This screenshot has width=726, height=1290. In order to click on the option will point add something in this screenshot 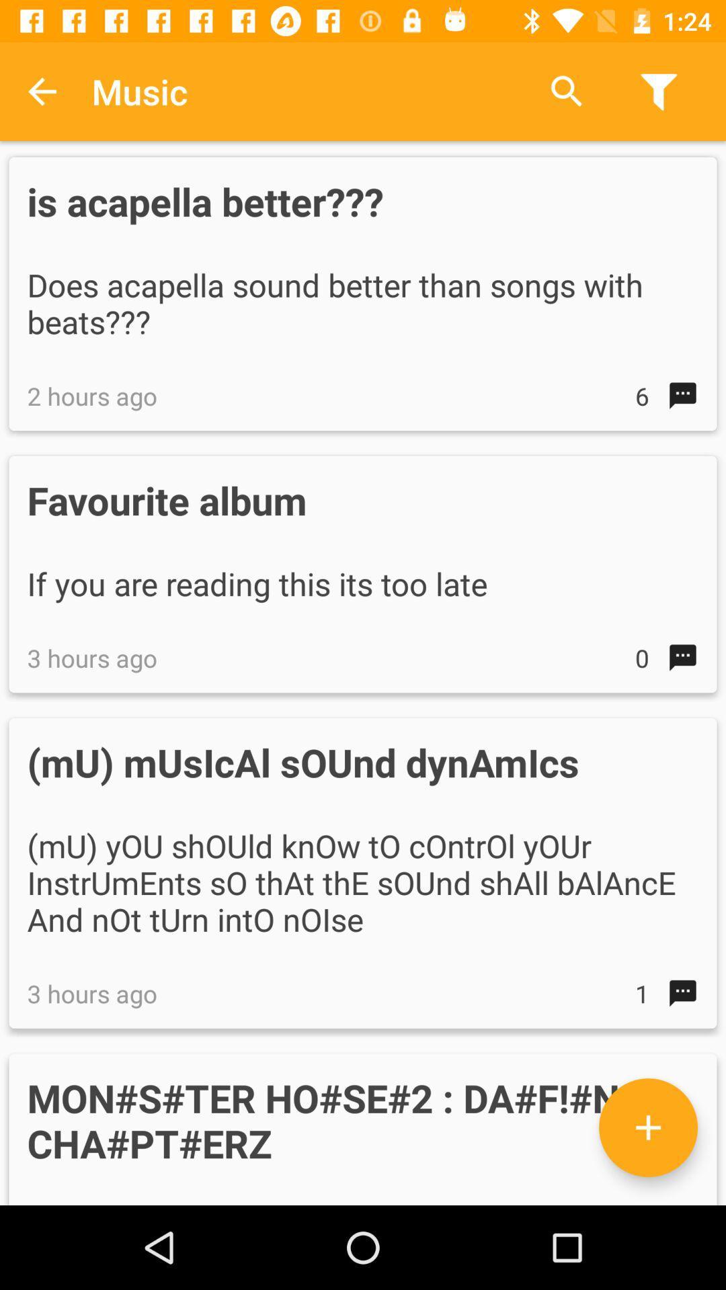, I will do `click(647, 1127)`.